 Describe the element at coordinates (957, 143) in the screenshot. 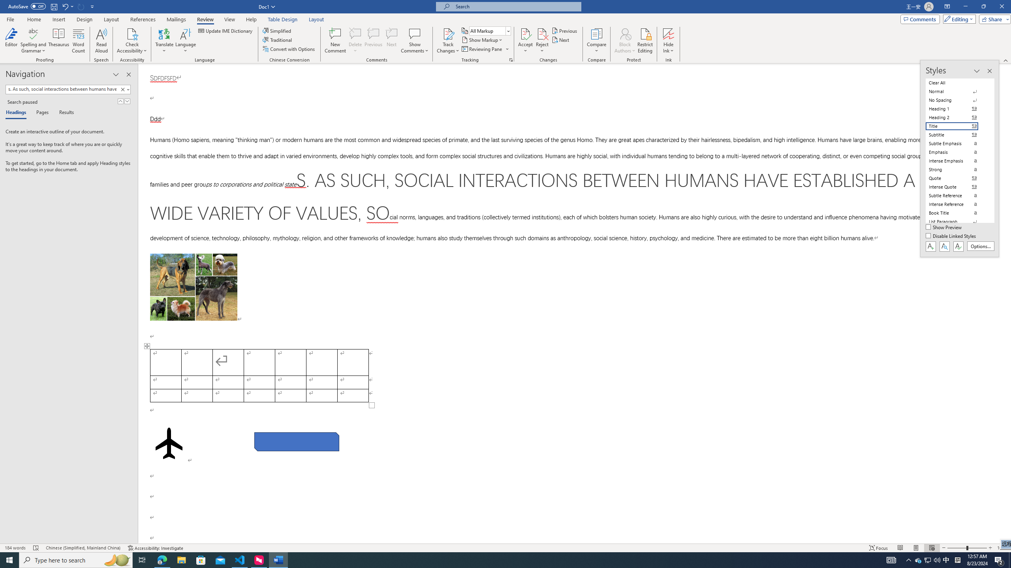

I see `'Subtle Emphasis'` at that location.